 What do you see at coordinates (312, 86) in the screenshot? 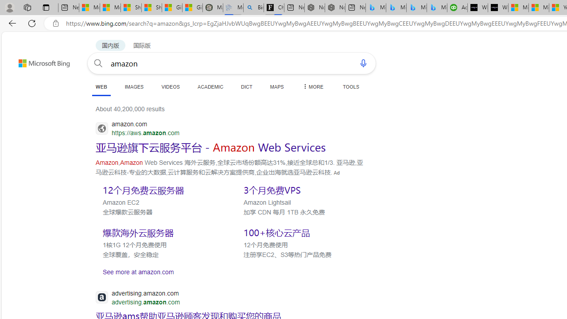
I see `'Dropdown Menu'` at bounding box center [312, 86].